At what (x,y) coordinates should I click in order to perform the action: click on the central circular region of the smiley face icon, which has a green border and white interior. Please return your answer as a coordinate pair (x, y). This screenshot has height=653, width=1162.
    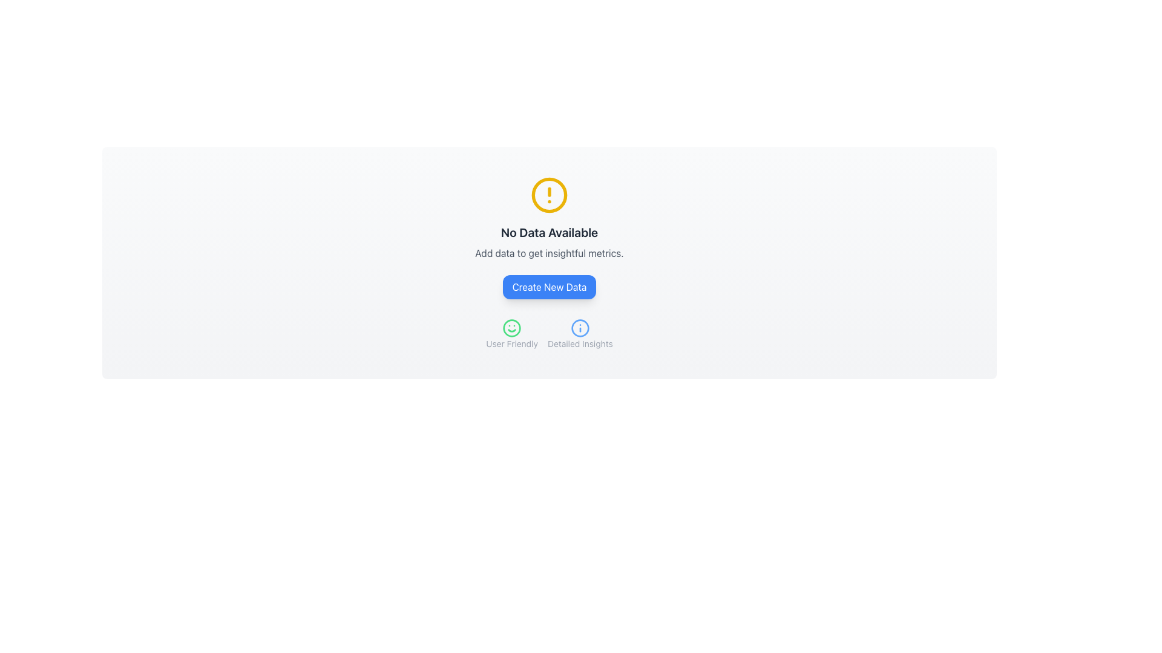
    Looking at the image, I should click on (512, 328).